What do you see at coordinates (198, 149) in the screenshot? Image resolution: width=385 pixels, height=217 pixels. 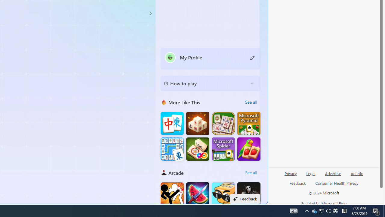 I see `'Mahjong FRVR'` at bounding box center [198, 149].